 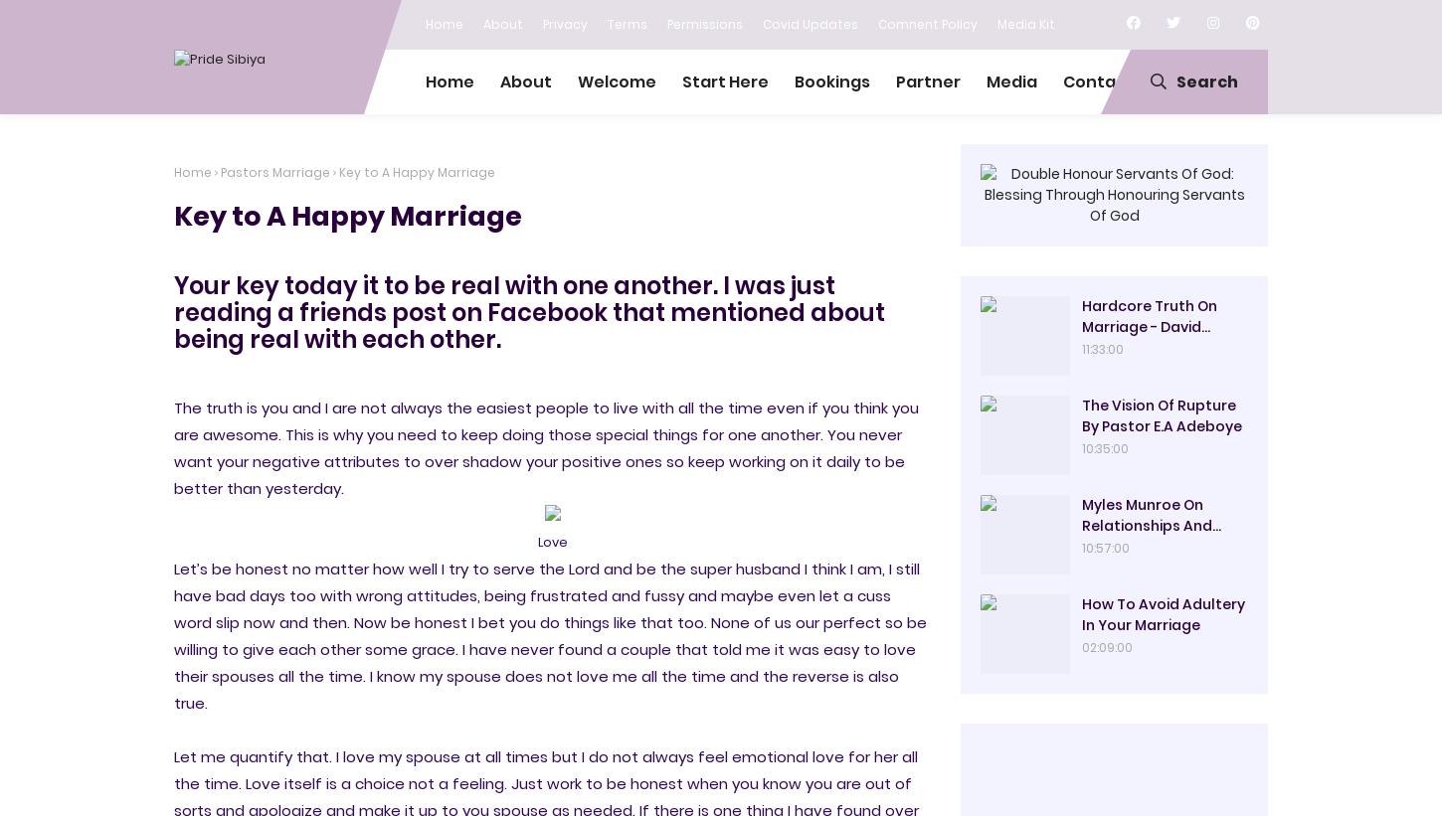 What do you see at coordinates (1106, 646) in the screenshot?
I see `'02:09:00'` at bounding box center [1106, 646].